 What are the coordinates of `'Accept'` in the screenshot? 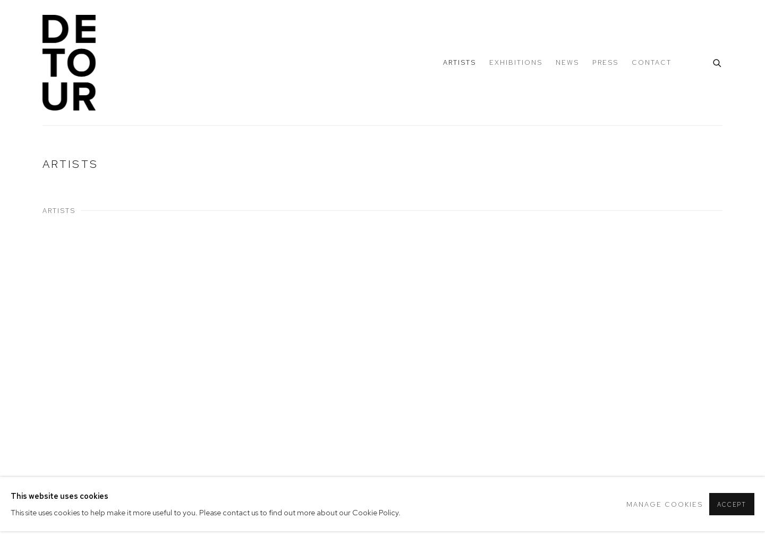 It's located at (717, 505).